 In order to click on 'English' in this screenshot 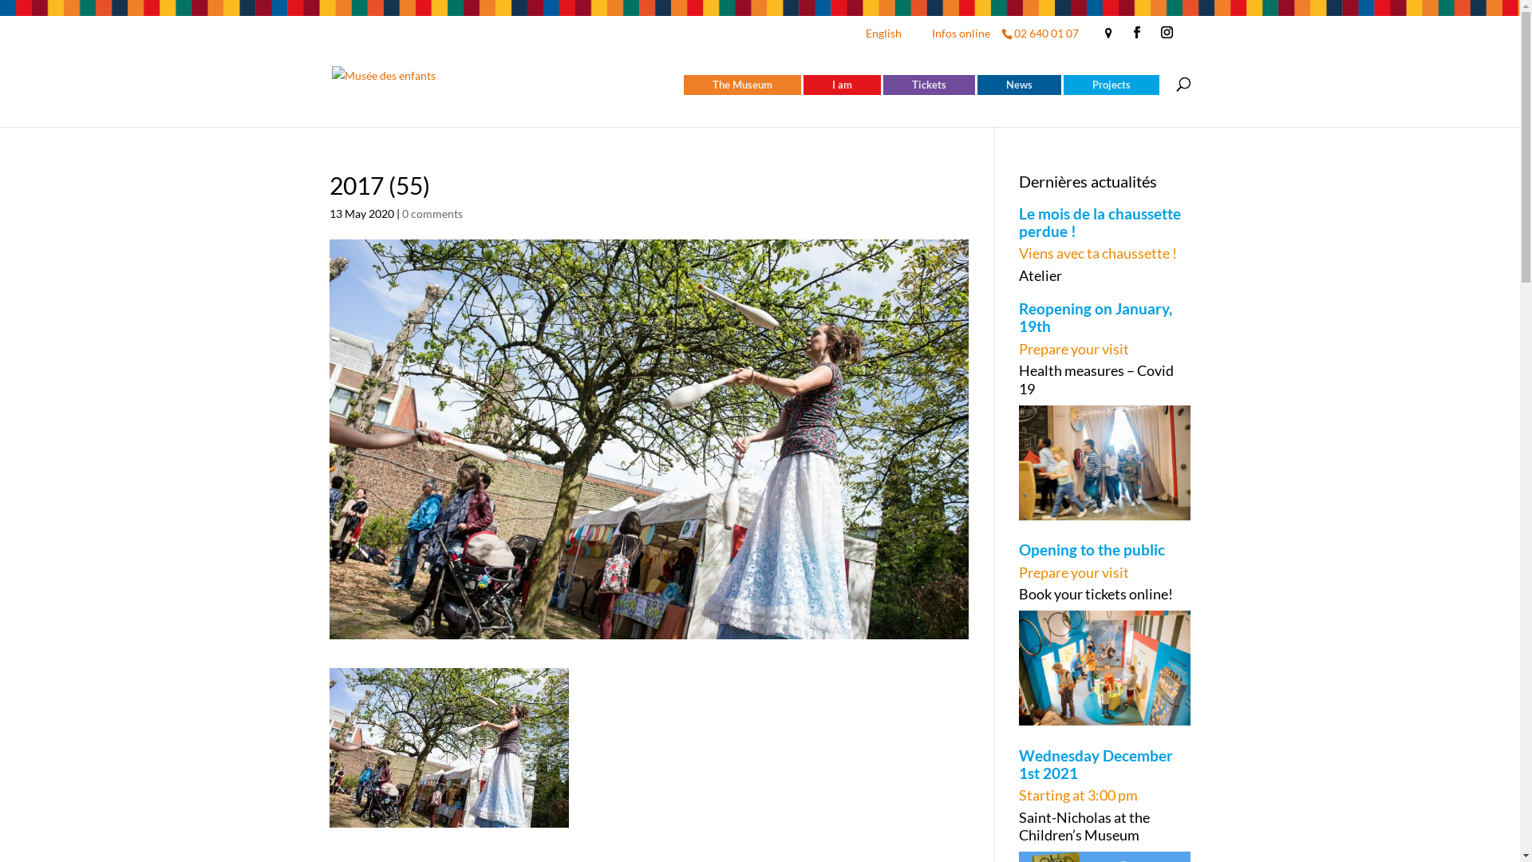, I will do `click(861, 36)`.